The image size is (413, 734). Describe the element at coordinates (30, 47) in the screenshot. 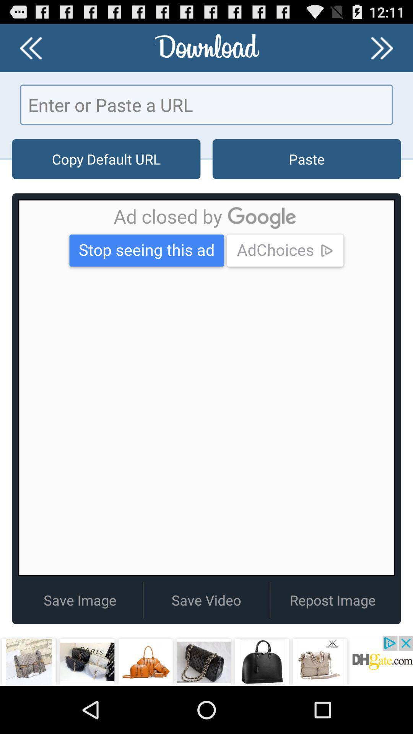

I see `go back` at that location.